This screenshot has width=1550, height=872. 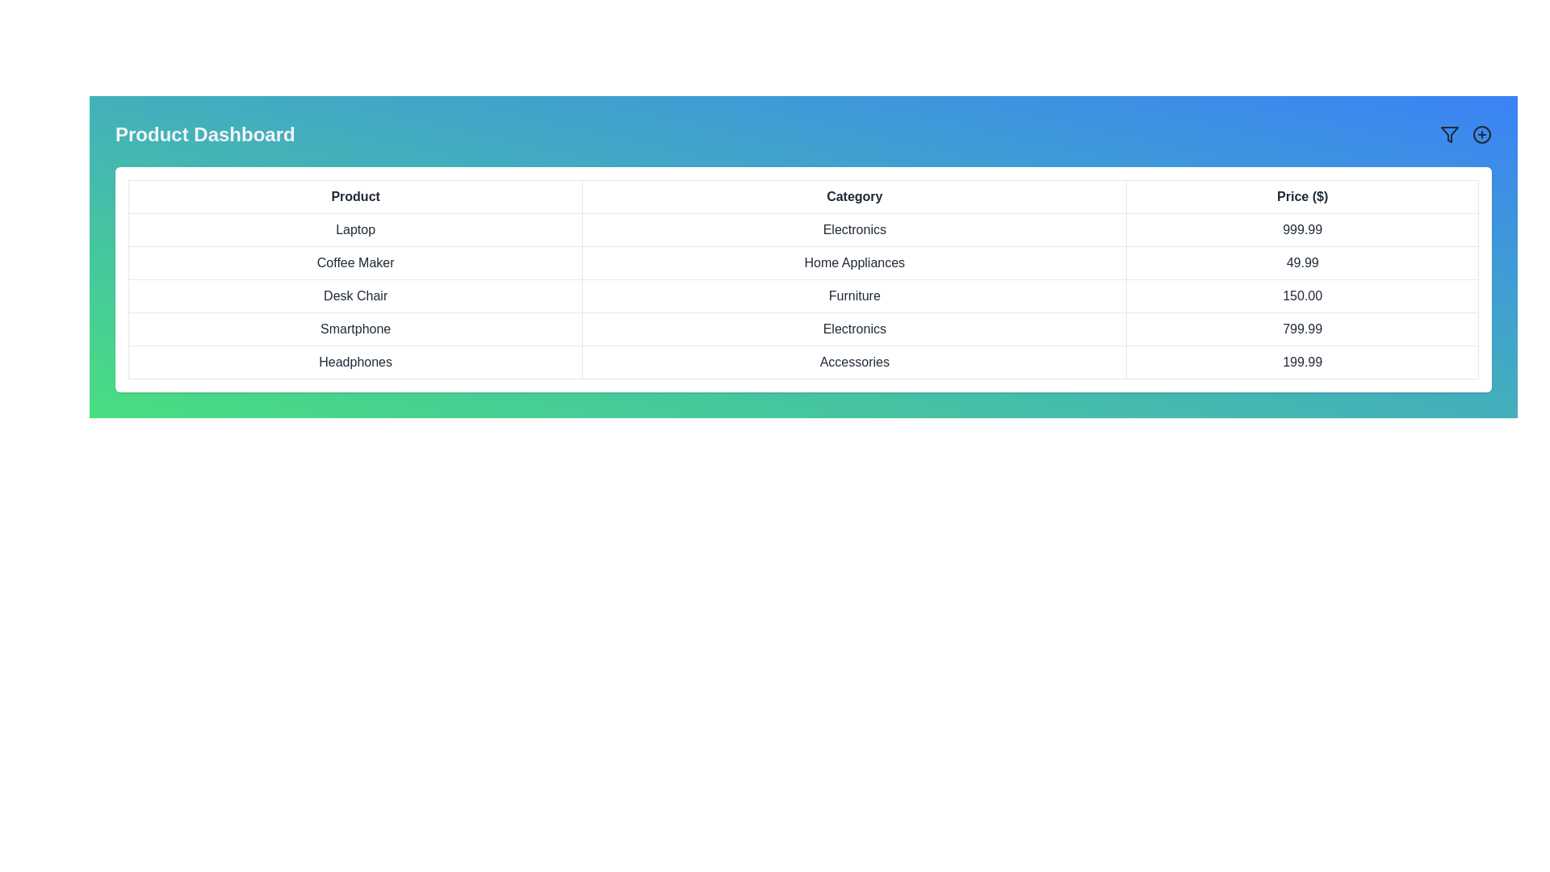 What do you see at coordinates (803, 329) in the screenshot?
I see `the fourth row in the data table that contains the product 'Smartphone', category 'Electronics', and price '799.99'` at bounding box center [803, 329].